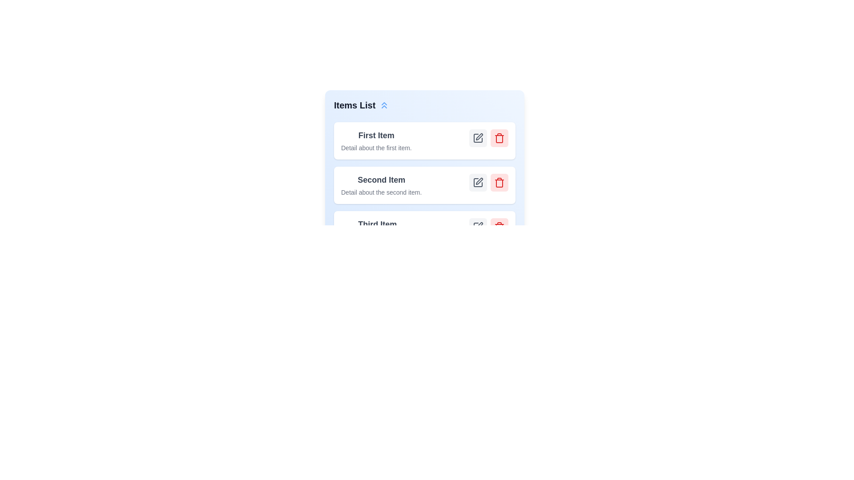  What do you see at coordinates (478, 138) in the screenshot?
I see `edit button for the item with the title First Item` at bounding box center [478, 138].